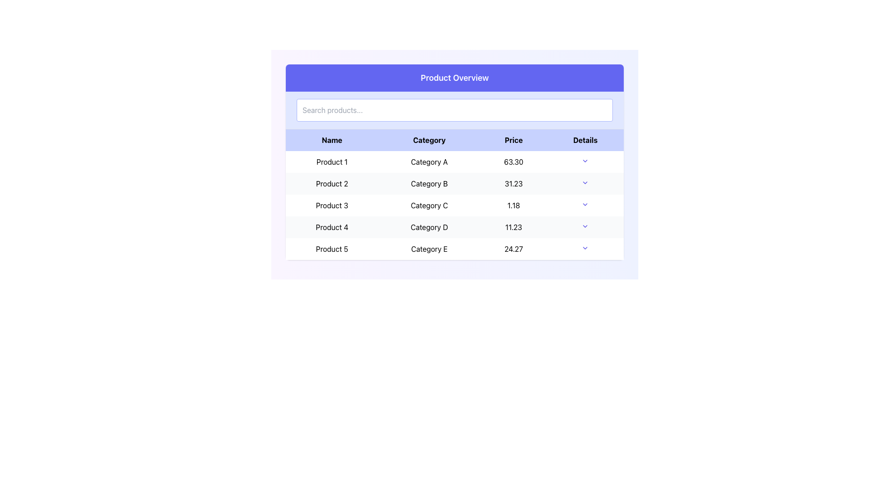 This screenshot has height=490, width=871. I want to click on the Static text label 'Details', which is styled as a table column header, located at the top-right corner of a tabular structure, so click(585, 140).